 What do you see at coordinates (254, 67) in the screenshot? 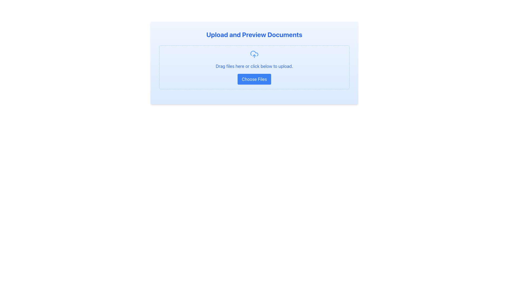
I see `the file upload area with the supporting button located centrally below the heading 'Upload and Preview Documents'` at bounding box center [254, 67].